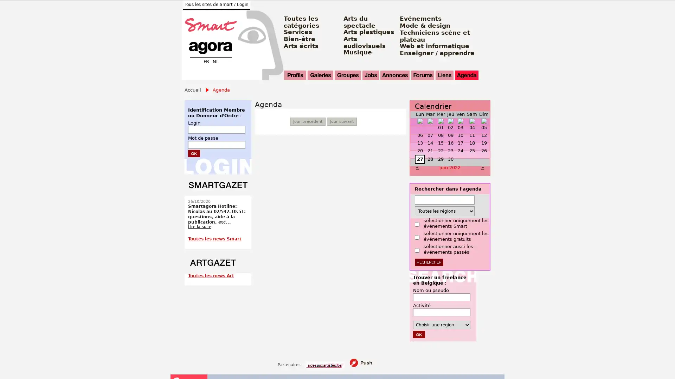 This screenshot has height=379, width=675. I want to click on Rechercher, so click(429, 262).